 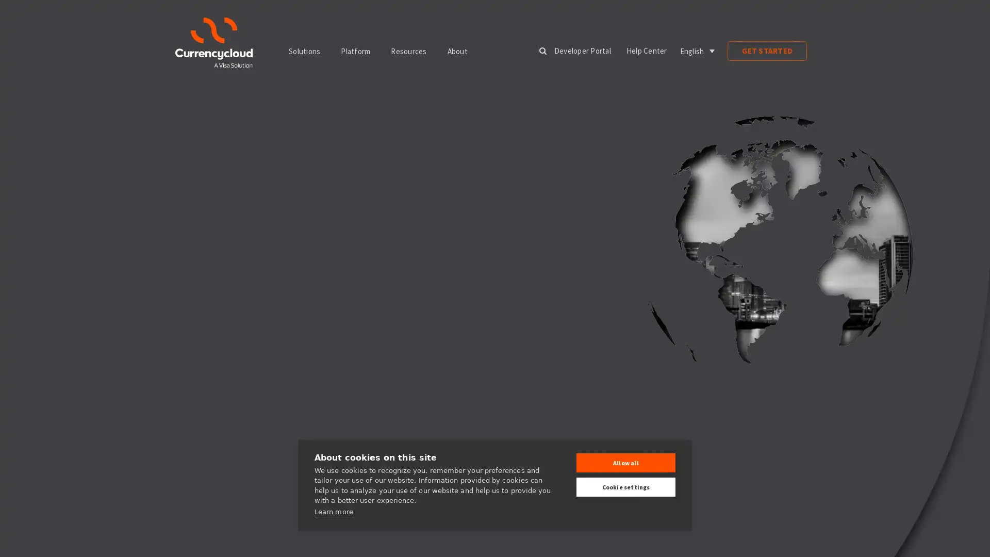 I want to click on Allow all, so click(x=625, y=462).